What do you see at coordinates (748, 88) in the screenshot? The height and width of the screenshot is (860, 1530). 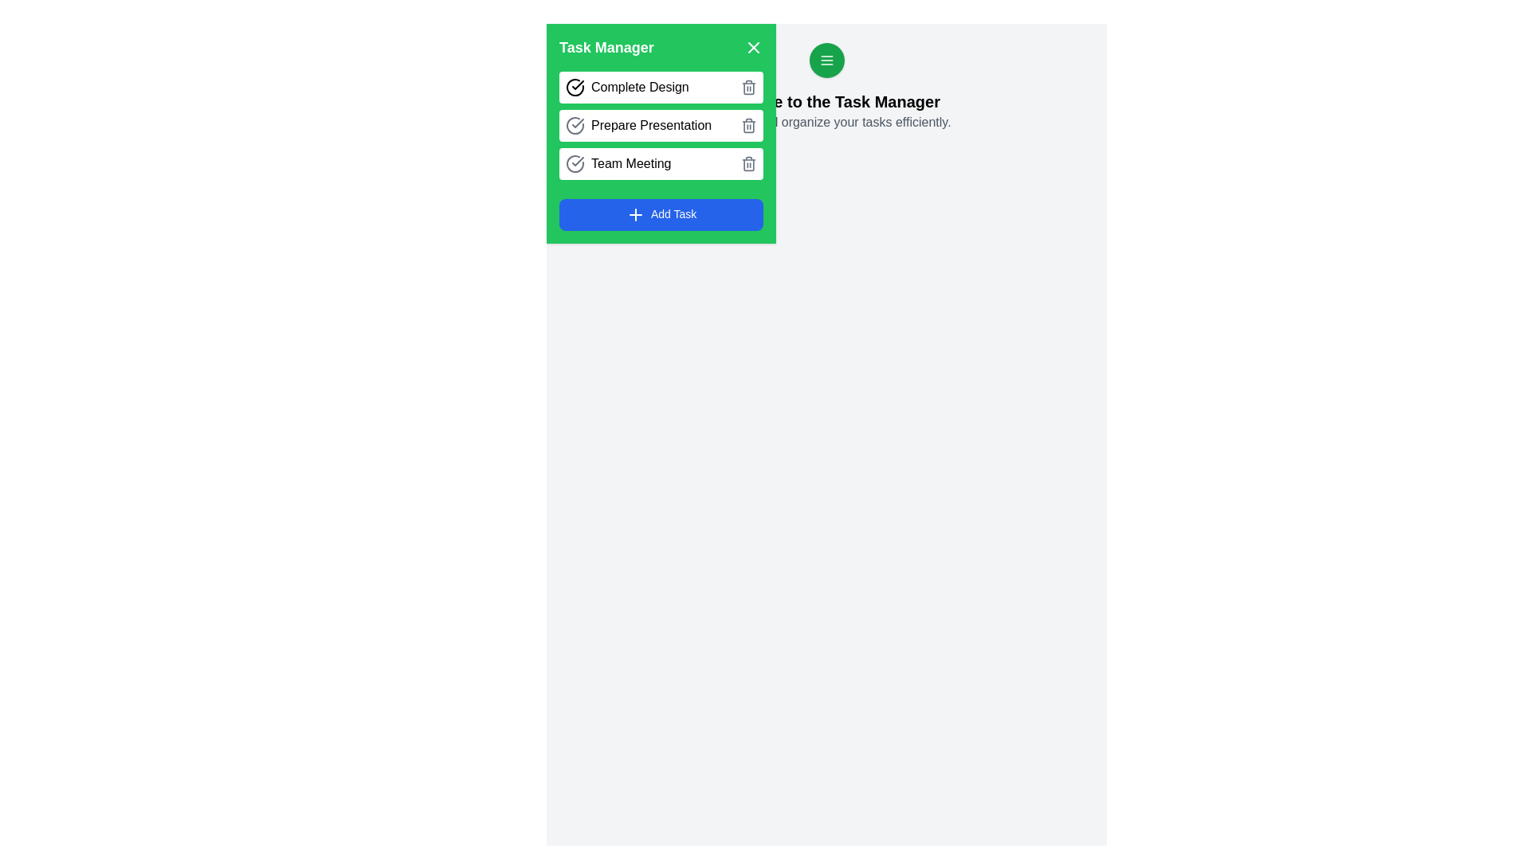 I see `the task with the name Complete Design by clicking its delete button` at bounding box center [748, 88].